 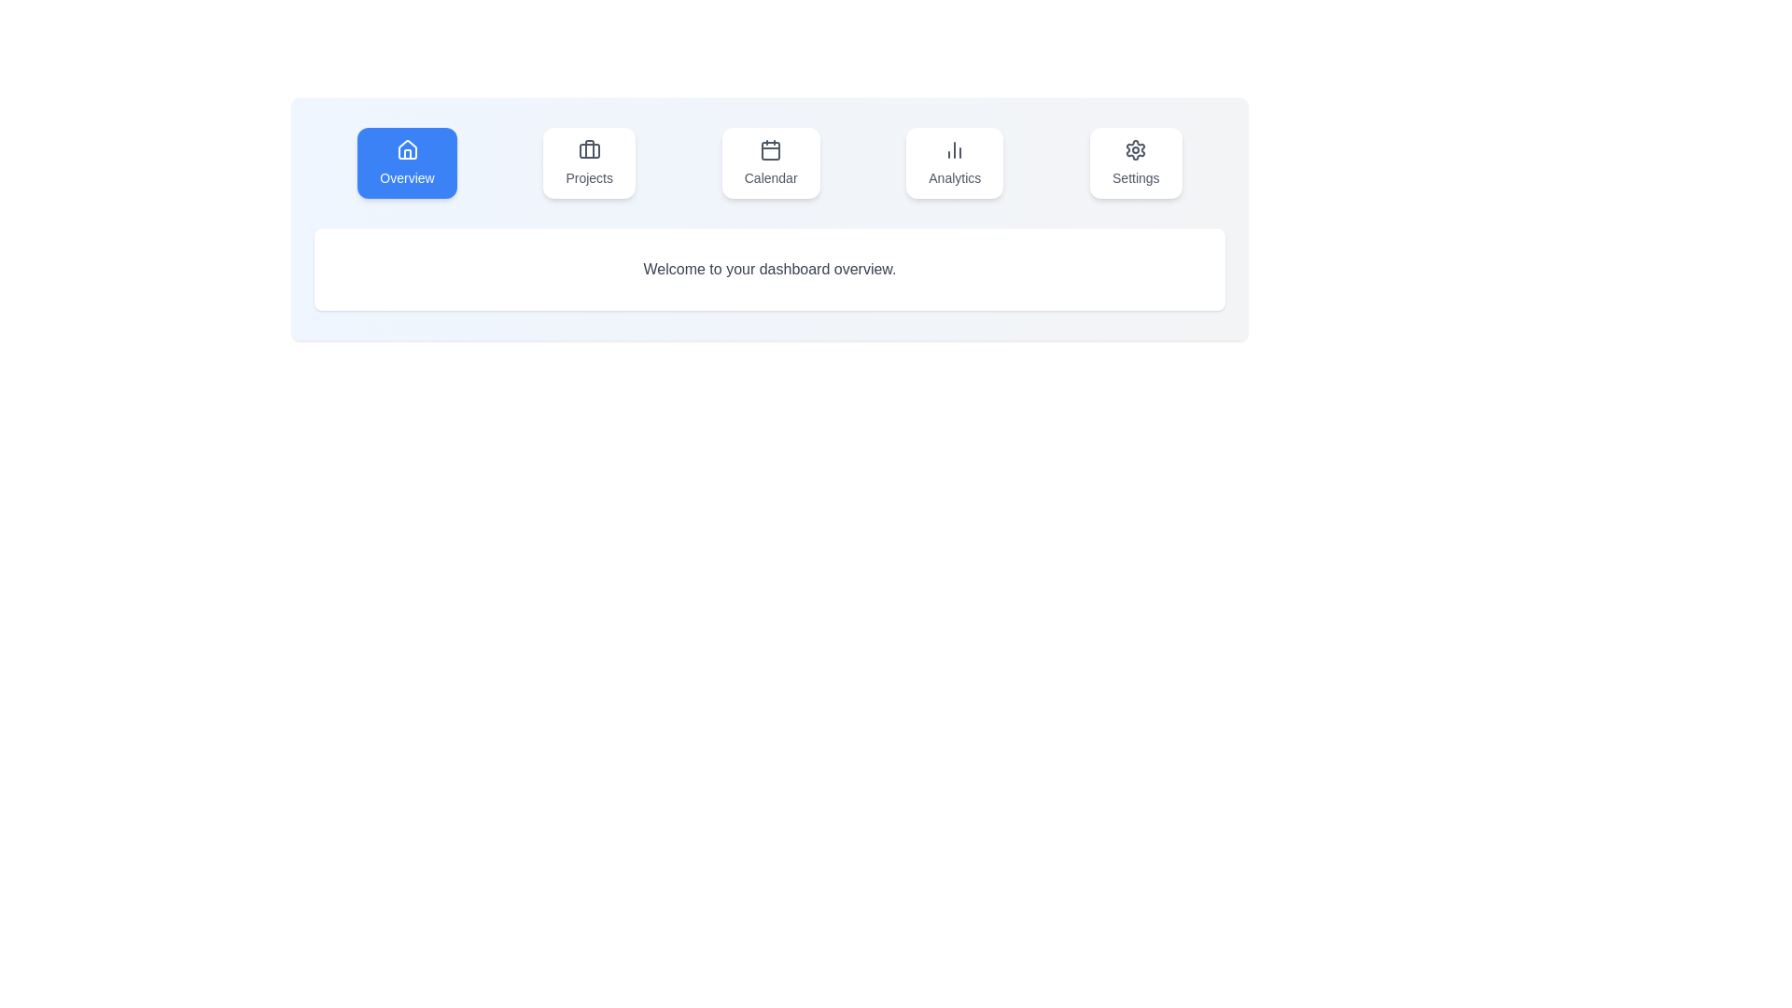 I want to click on the calendar icon component located as the third item in the header's main navigation bar at the top center of the interface, so click(x=771, y=150).